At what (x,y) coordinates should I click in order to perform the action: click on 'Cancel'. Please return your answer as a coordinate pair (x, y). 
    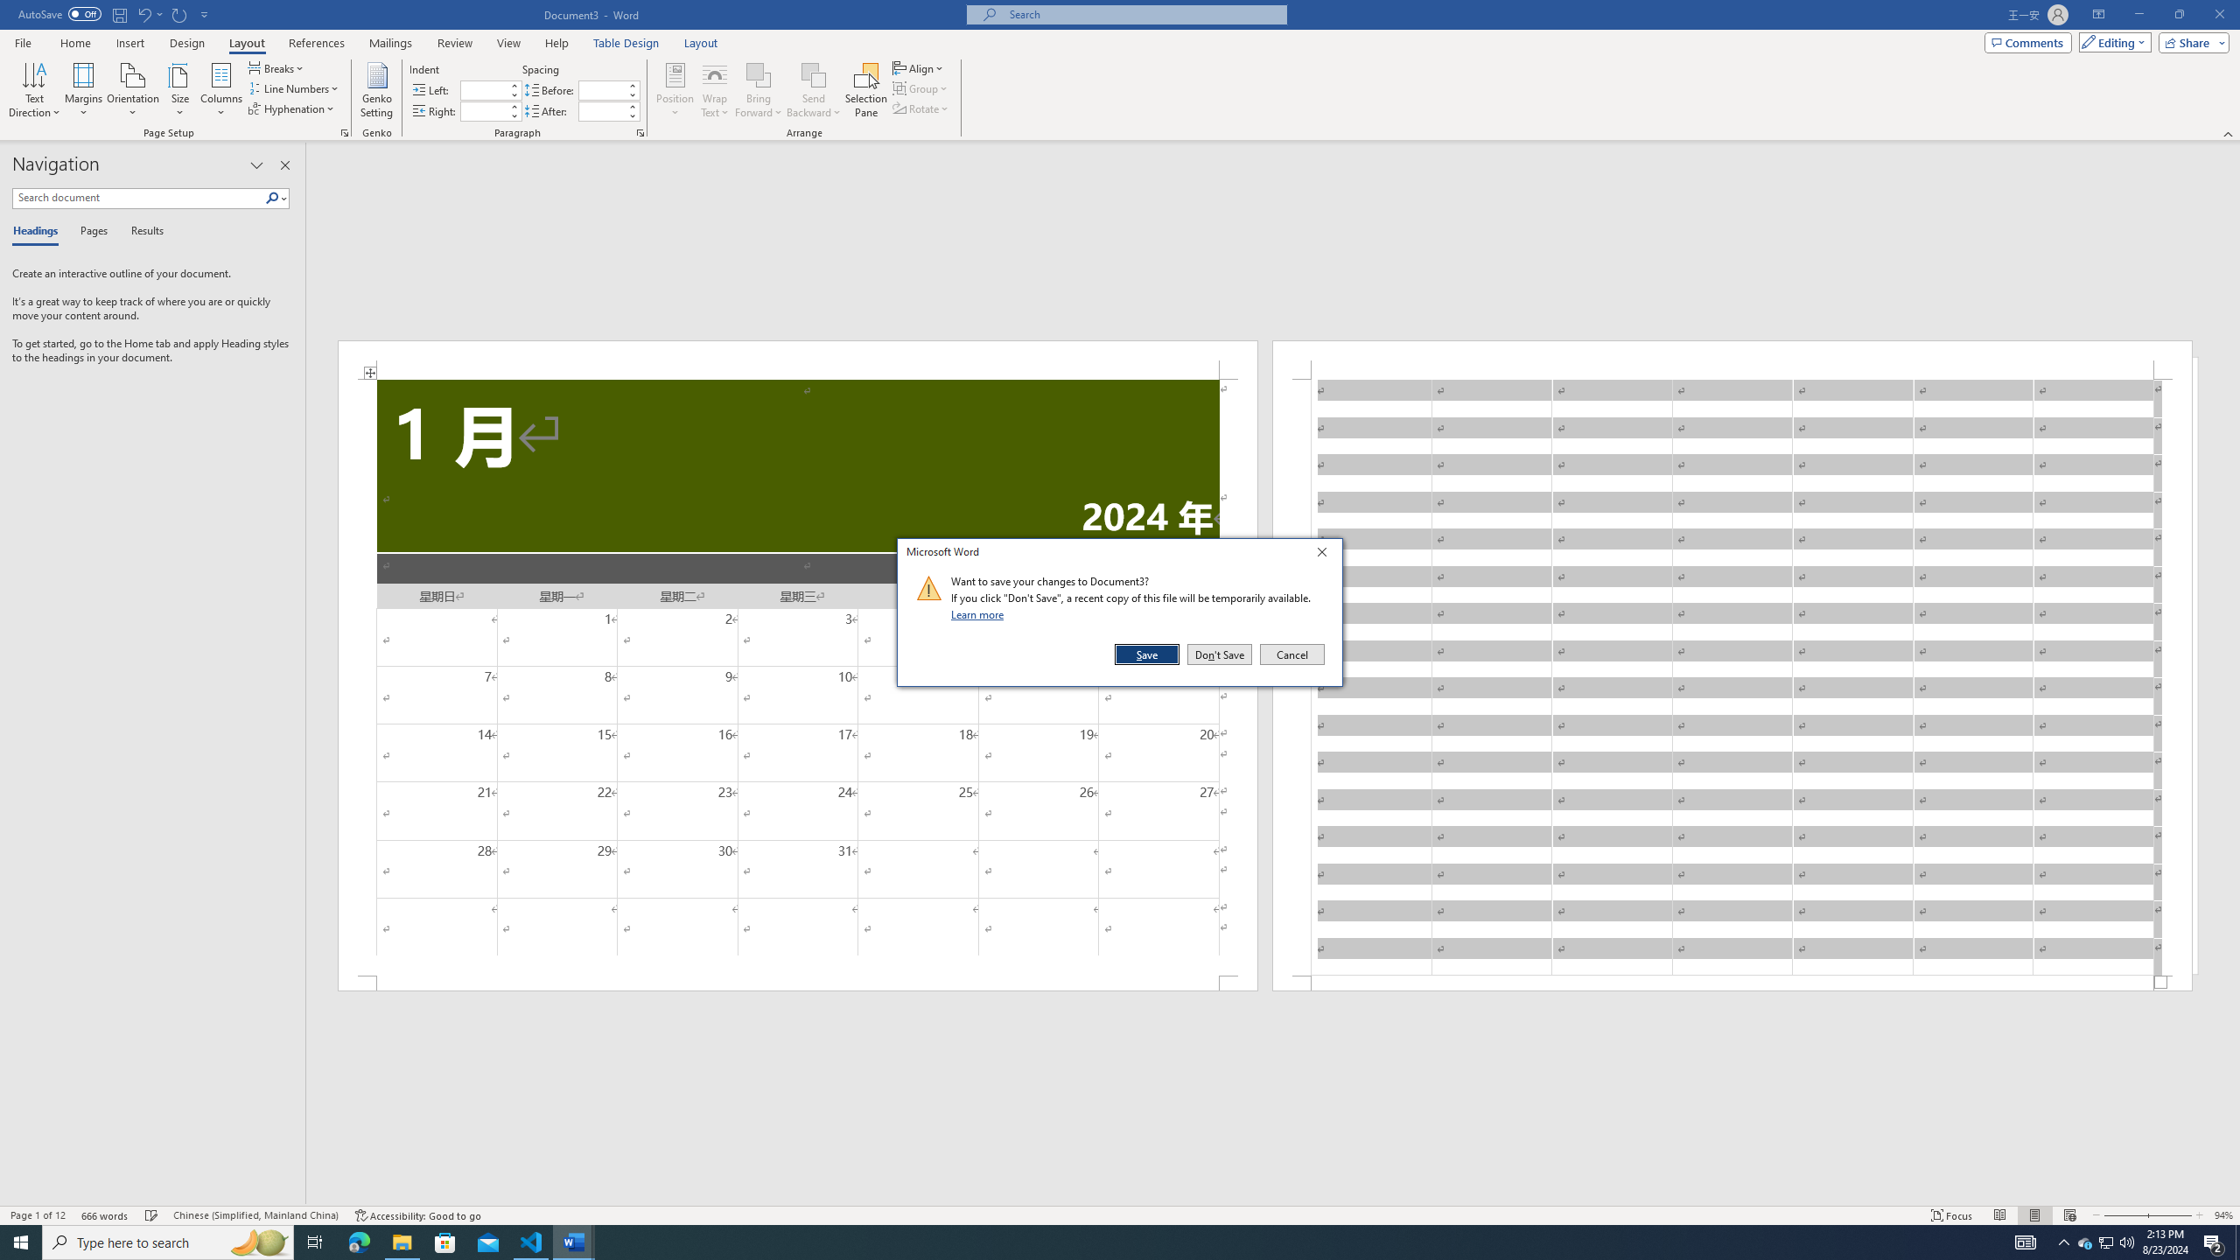
    Looking at the image, I should click on (1291, 654).